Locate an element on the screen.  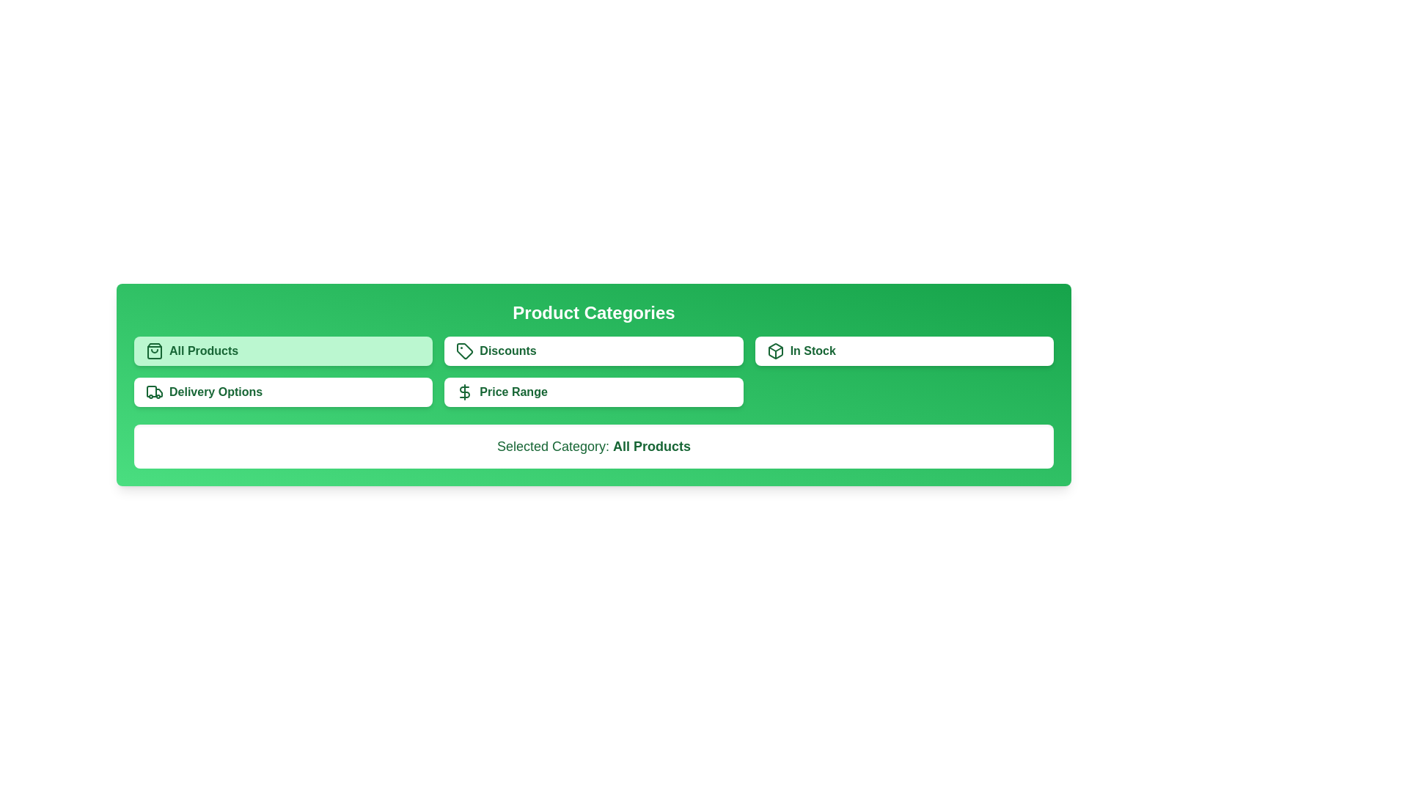
the fourth button in the grid layout that allows users is located at coordinates (283, 392).